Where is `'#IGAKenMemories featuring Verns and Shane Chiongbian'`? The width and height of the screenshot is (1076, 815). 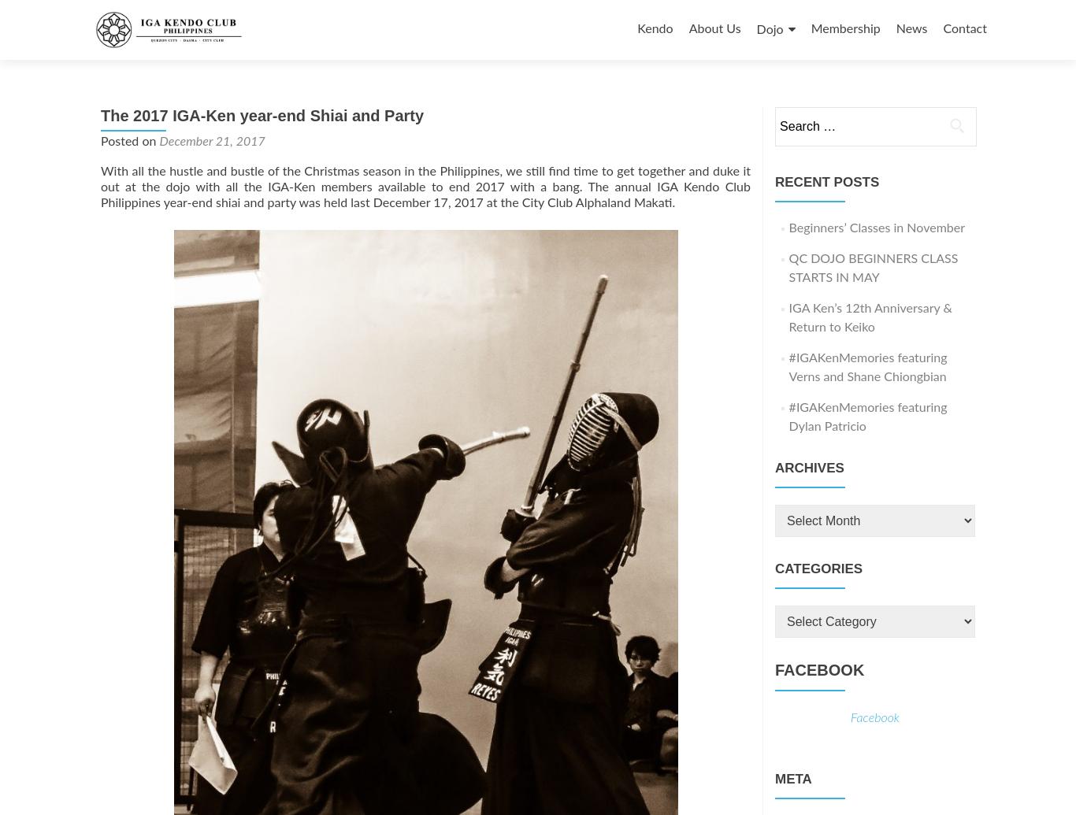
'#IGAKenMemories featuring Verns and Shane Chiongbian' is located at coordinates (866, 367).